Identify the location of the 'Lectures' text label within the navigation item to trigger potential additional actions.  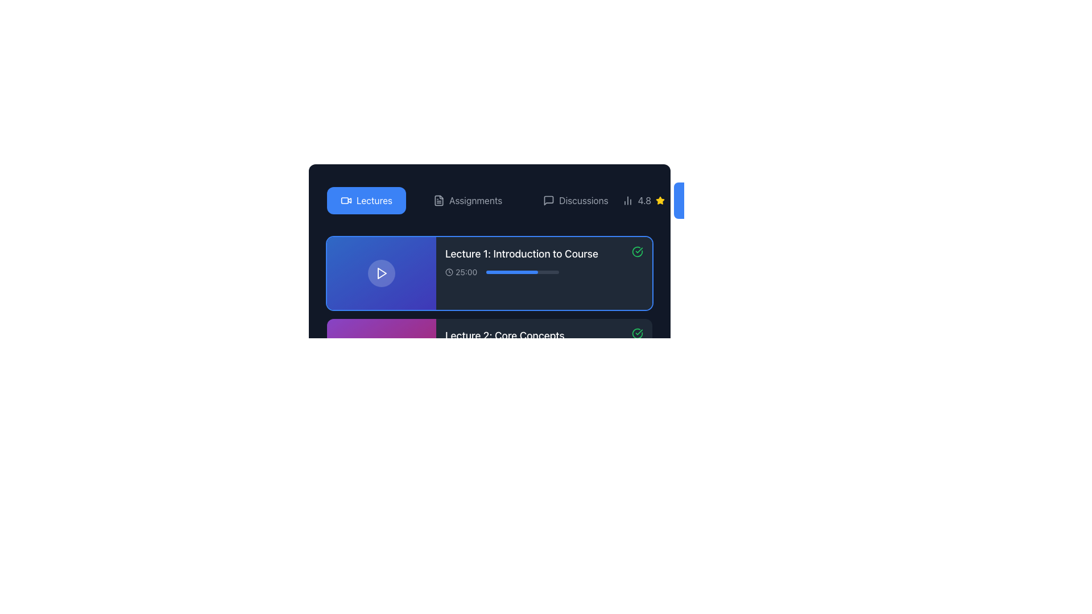
(374, 200).